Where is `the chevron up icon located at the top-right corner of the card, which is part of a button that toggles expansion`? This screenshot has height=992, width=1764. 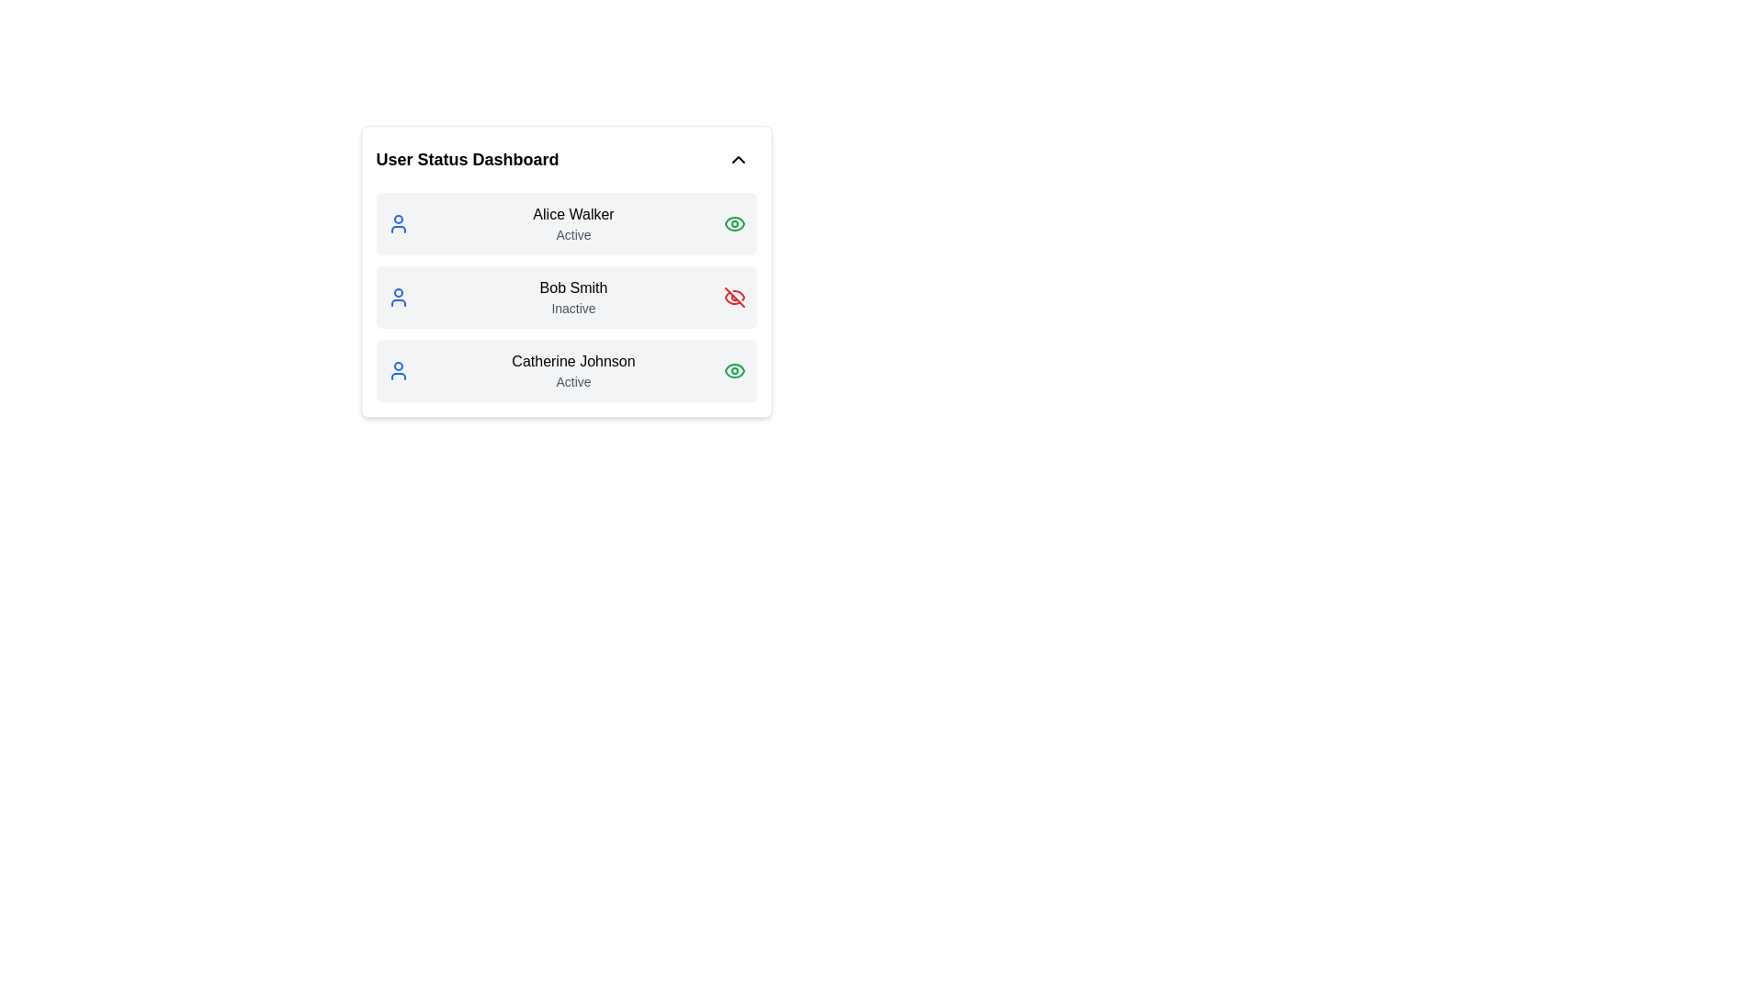 the chevron up icon located at the top-right corner of the card, which is part of a button that toggles expansion is located at coordinates (738, 158).